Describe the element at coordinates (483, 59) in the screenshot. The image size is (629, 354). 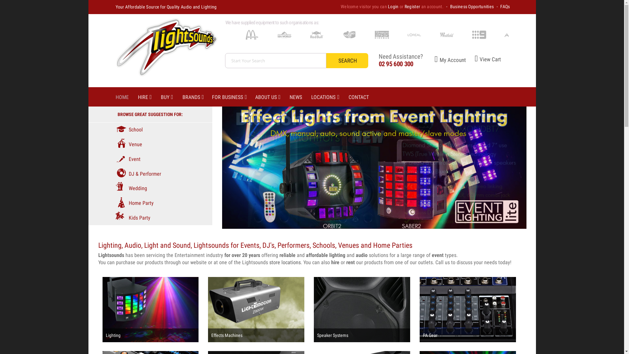
I see `'View Cart'` at that location.